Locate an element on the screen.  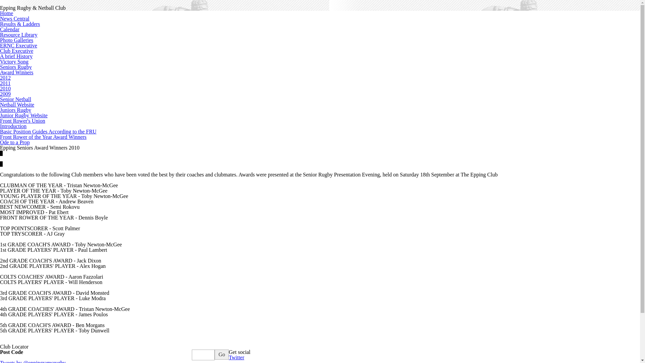
'Introduction' is located at coordinates (13, 126).